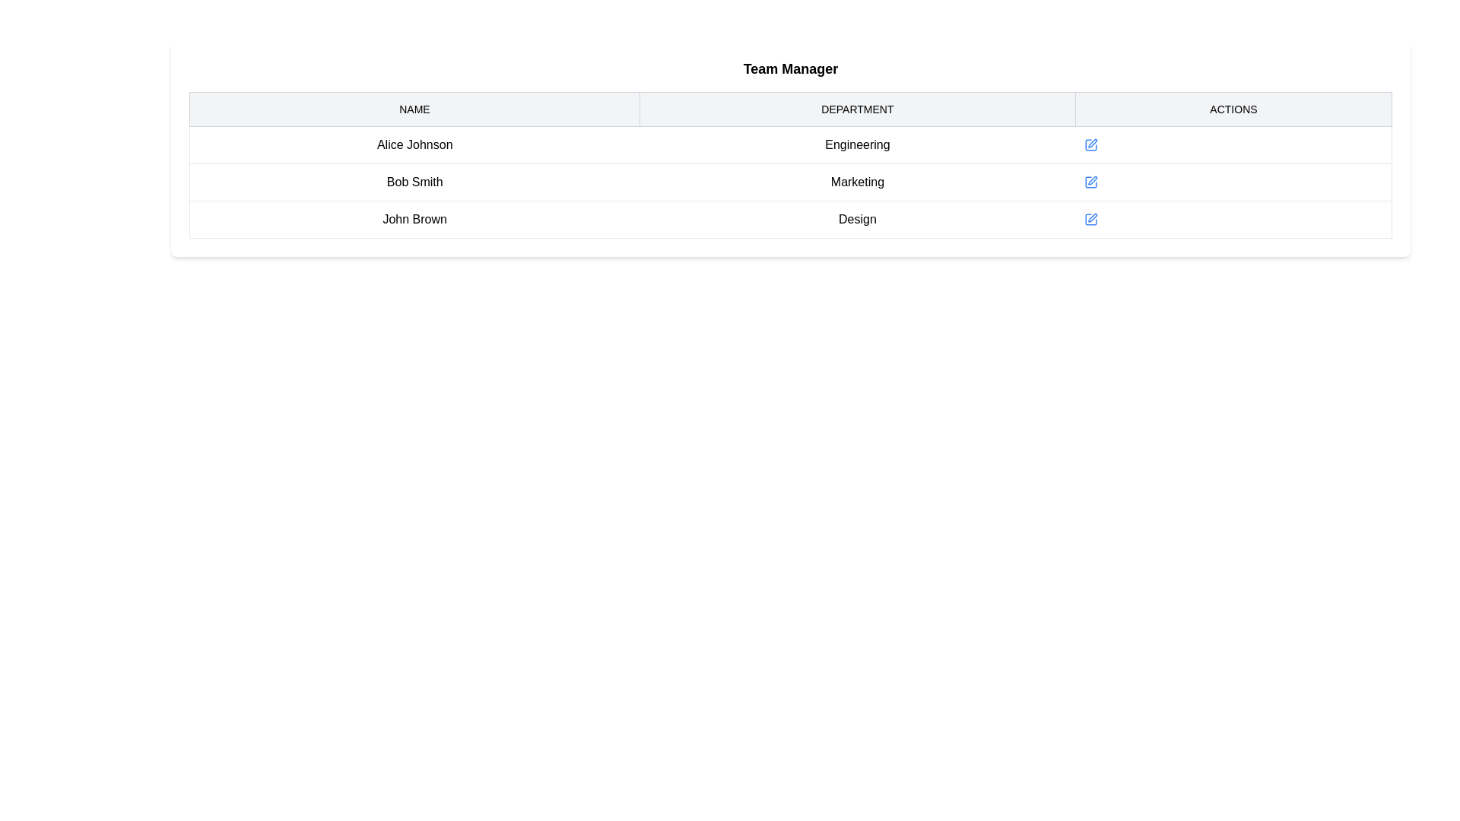 This screenshot has height=821, width=1460. Describe the element at coordinates (858, 108) in the screenshot. I see `the Table Header element displaying 'DEPARTMENT', which is the second column header in the table, located between 'Name' and 'Actions'` at that location.